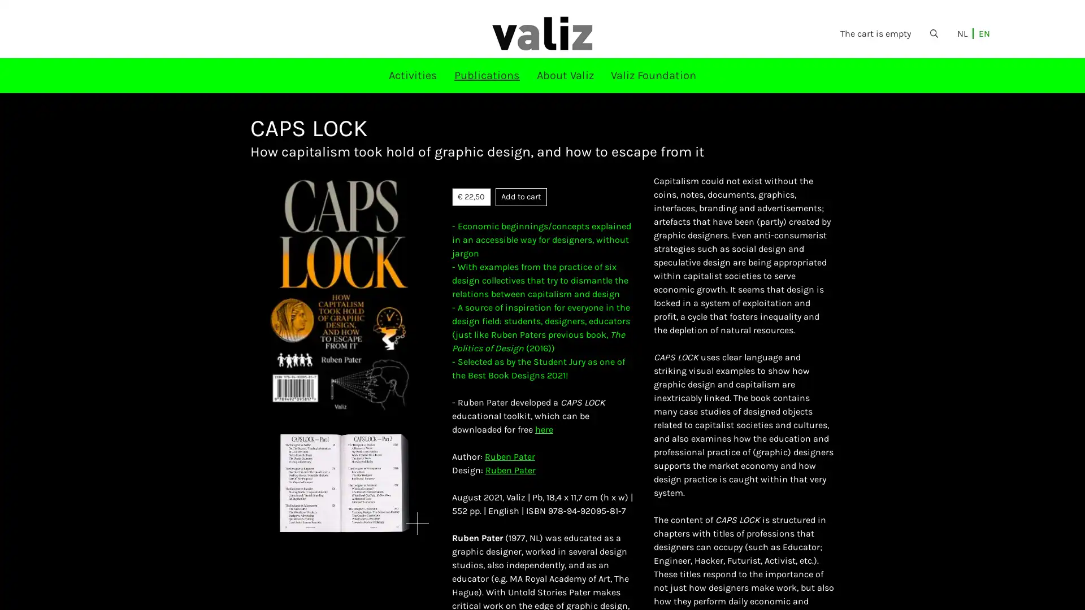 The width and height of the screenshot is (1085, 610). What do you see at coordinates (934, 32) in the screenshot?
I see `Open the search form` at bounding box center [934, 32].